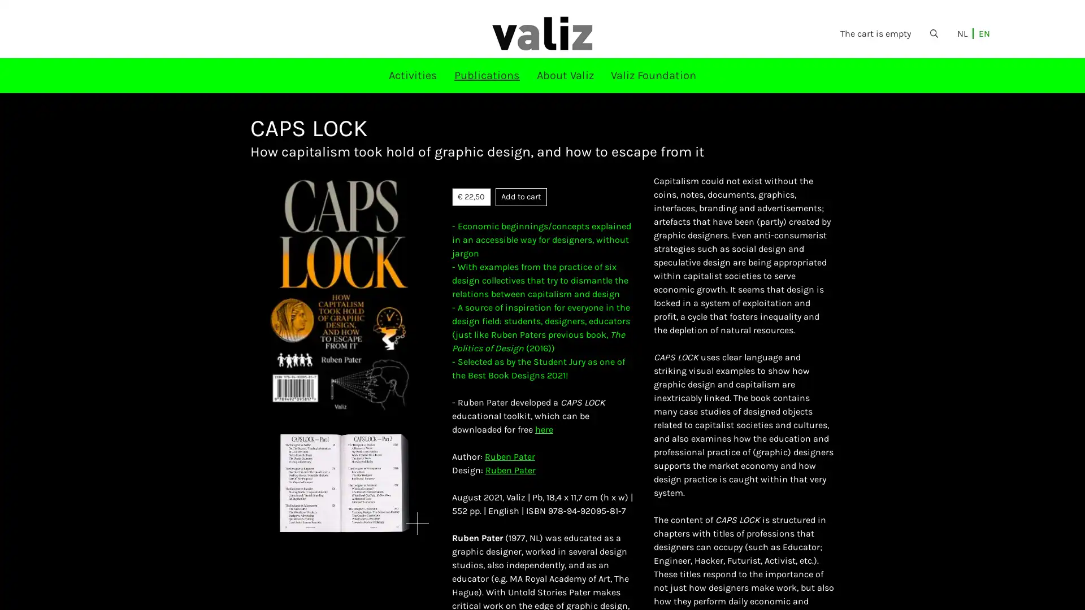 The width and height of the screenshot is (1085, 610). What do you see at coordinates (934, 32) in the screenshot?
I see `Open the search form` at bounding box center [934, 32].